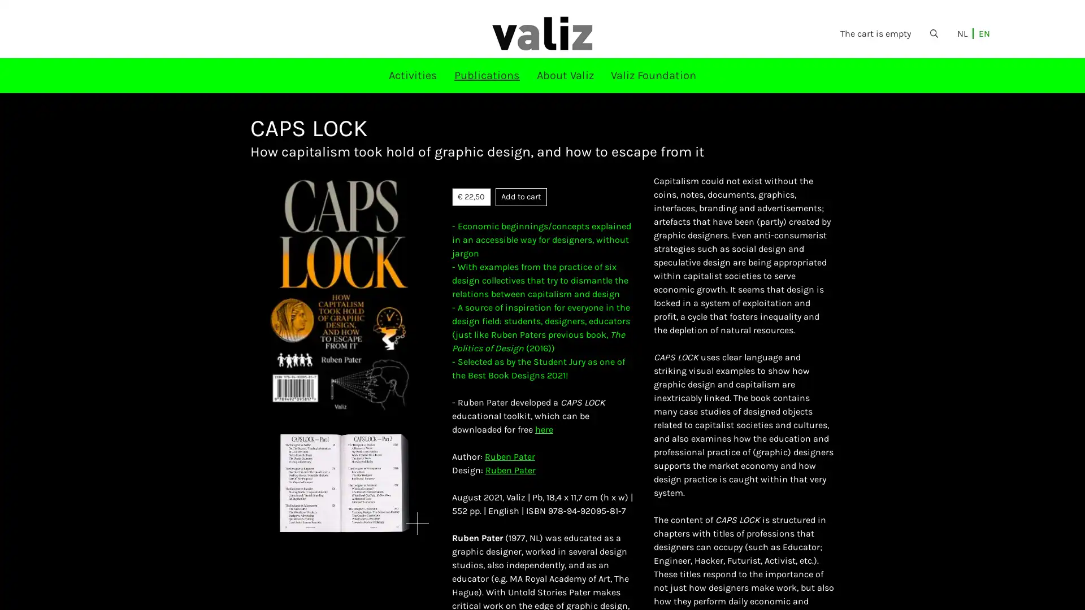 The width and height of the screenshot is (1085, 610). What do you see at coordinates (934, 32) in the screenshot?
I see `Open the search form` at bounding box center [934, 32].